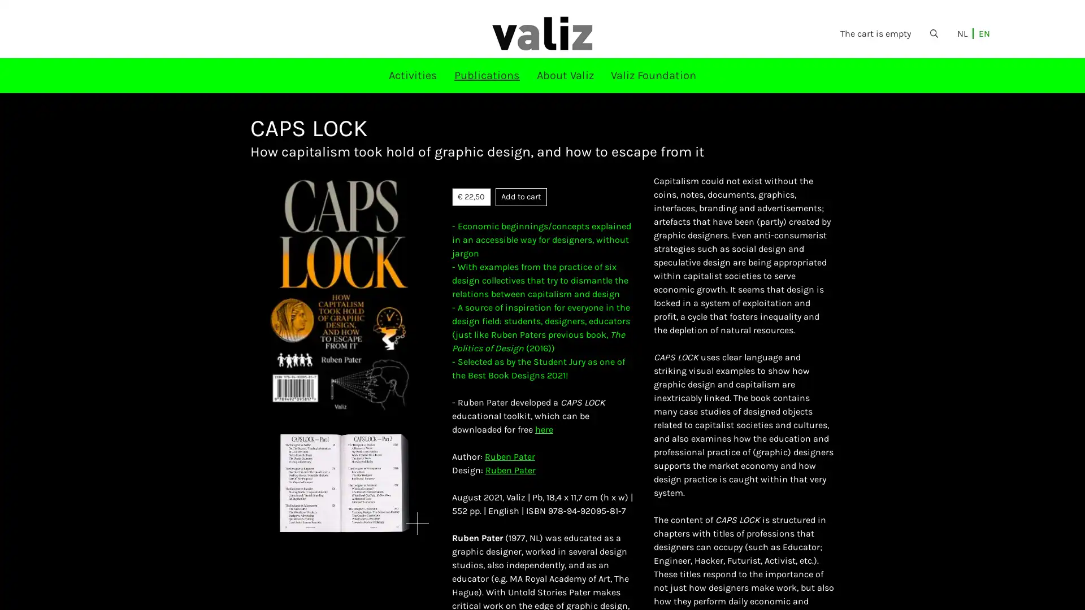 The width and height of the screenshot is (1085, 610). What do you see at coordinates (934, 32) in the screenshot?
I see `Open the search form` at bounding box center [934, 32].